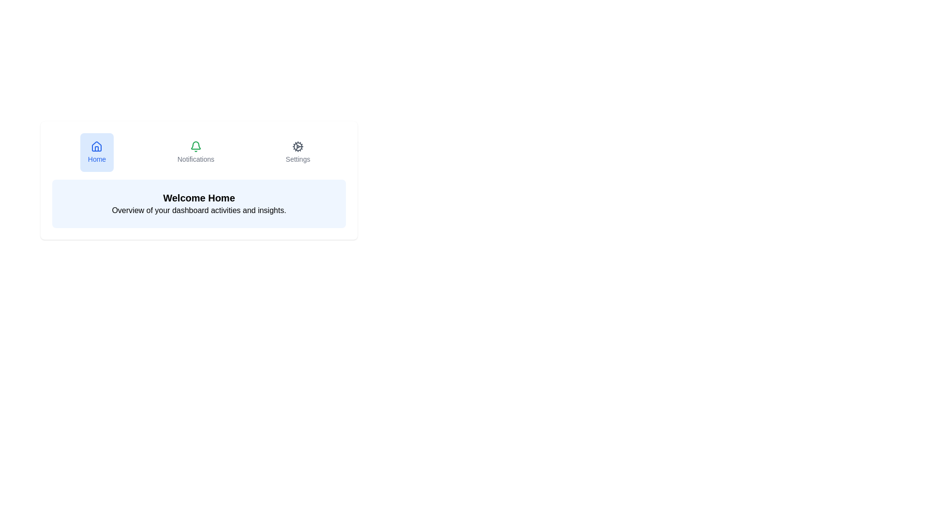 This screenshot has height=523, width=929. What do you see at coordinates (97, 153) in the screenshot?
I see `the tab labeled Home to see its hover effect` at bounding box center [97, 153].